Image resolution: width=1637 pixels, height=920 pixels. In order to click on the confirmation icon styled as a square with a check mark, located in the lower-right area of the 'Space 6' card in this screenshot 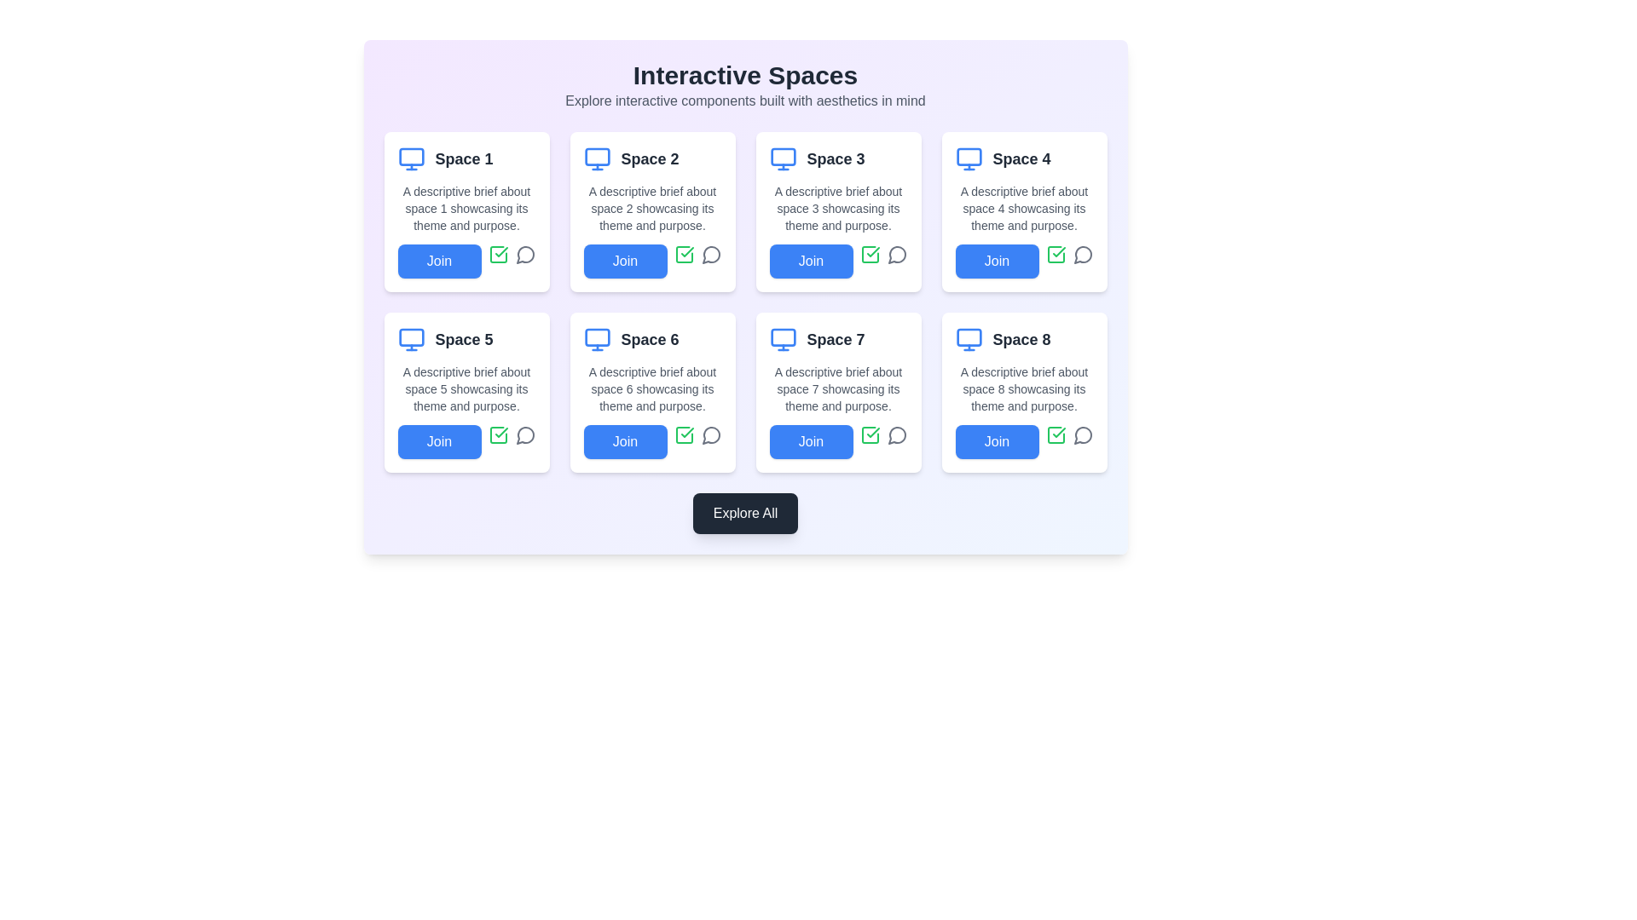, I will do `click(684, 434)`.